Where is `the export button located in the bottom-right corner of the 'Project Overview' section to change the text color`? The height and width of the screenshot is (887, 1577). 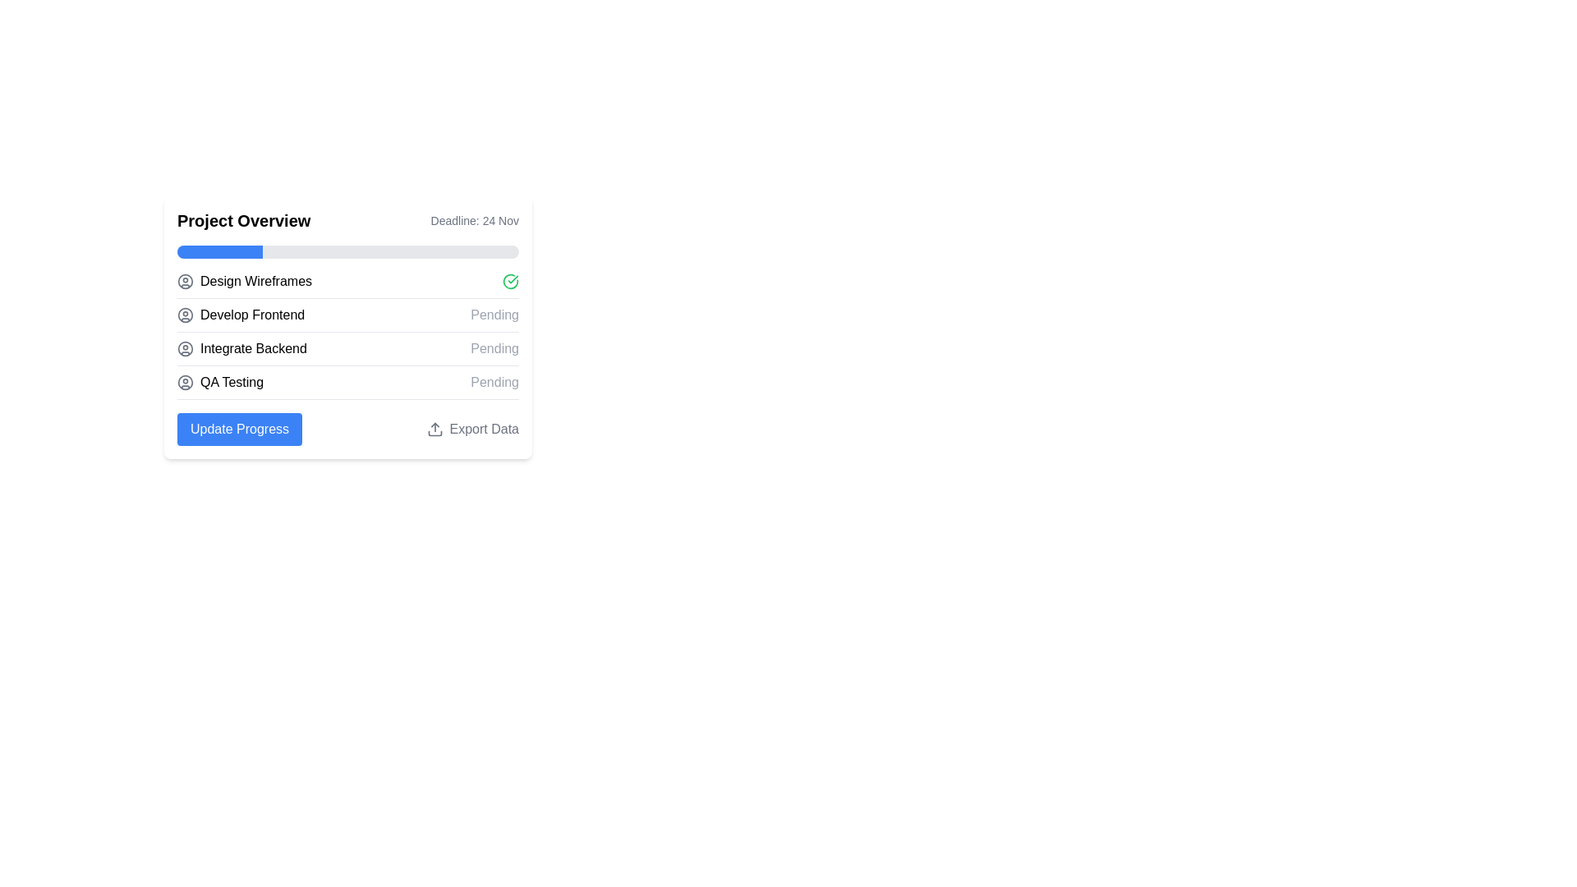
the export button located in the bottom-right corner of the 'Project Overview' section to change the text color is located at coordinates (471, 429).